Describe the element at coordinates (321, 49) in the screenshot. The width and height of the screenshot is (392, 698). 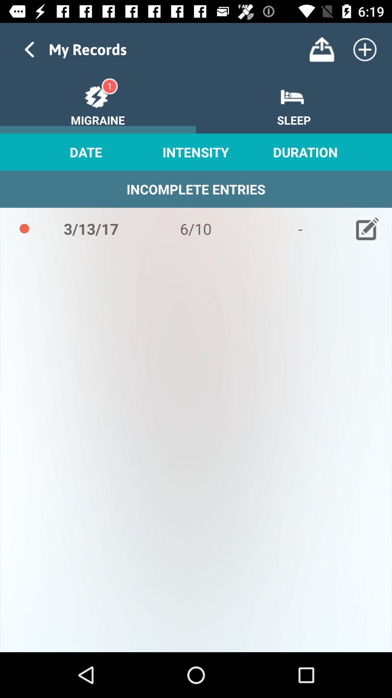
I see `send message` at that location.